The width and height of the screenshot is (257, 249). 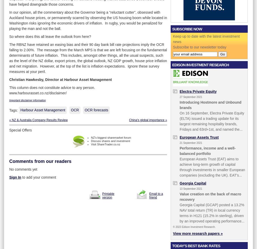 I want to click on 'Performance, income and a well-balanced portfolio', so click(x=207, y=150).